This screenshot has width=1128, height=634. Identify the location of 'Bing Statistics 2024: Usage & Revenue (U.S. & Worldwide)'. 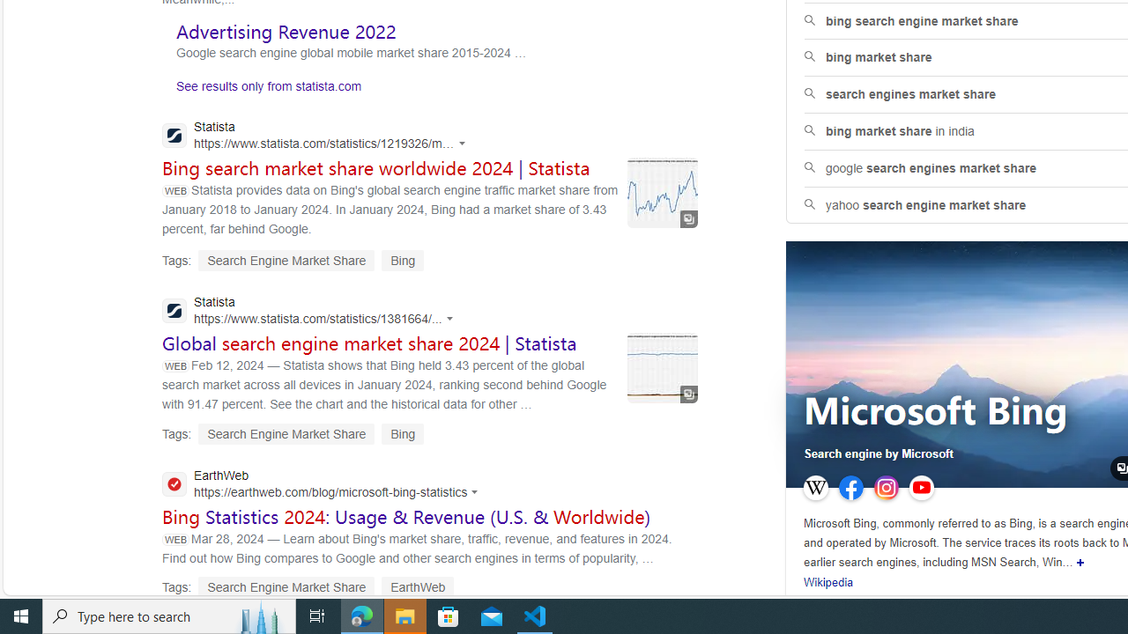
(405, 515).